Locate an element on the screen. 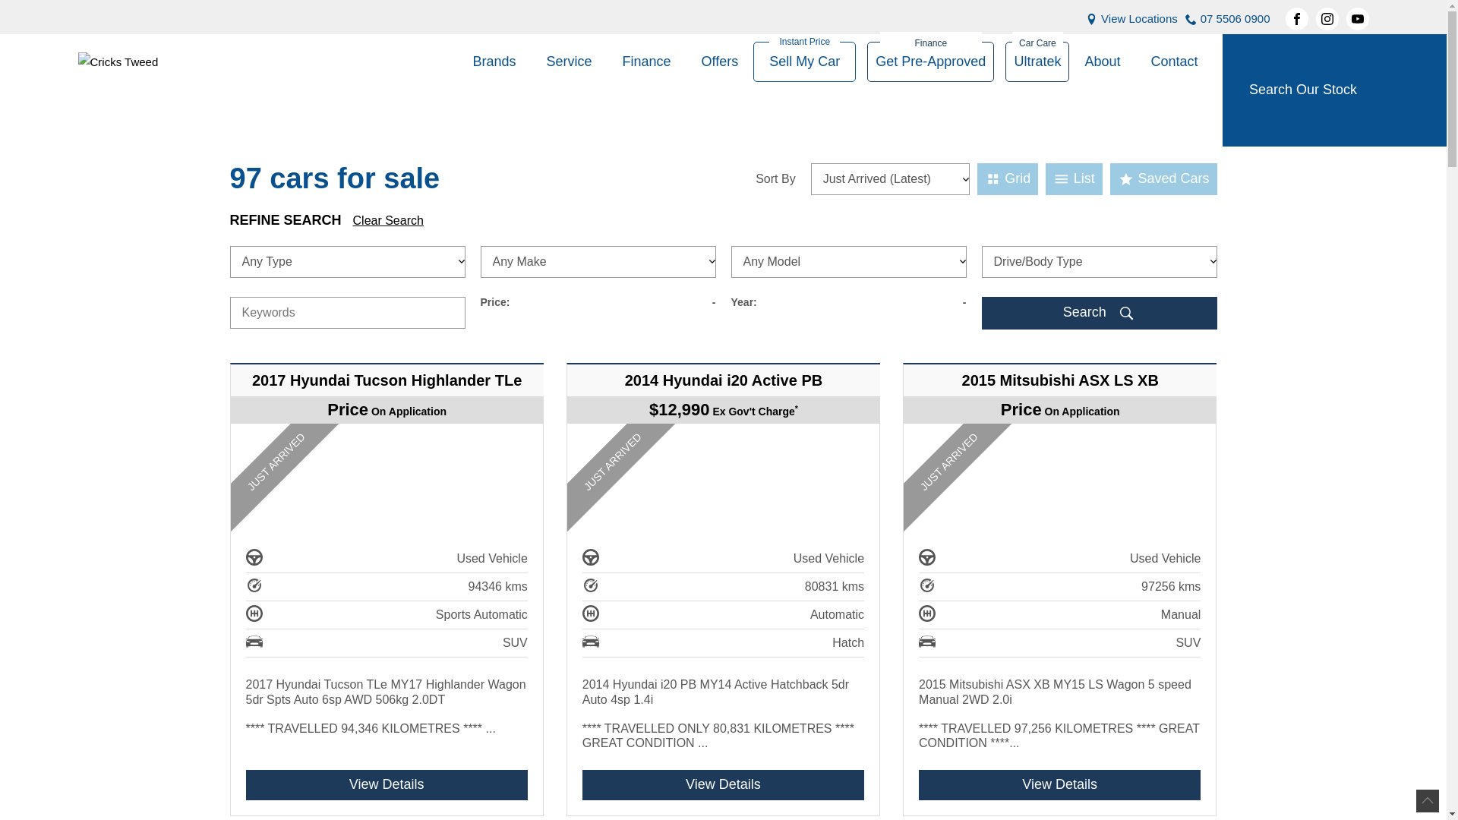 Image resolution: width=1458 pixels, height=820 pixels. 'View Locations' is located at coordinates (1139, 18).